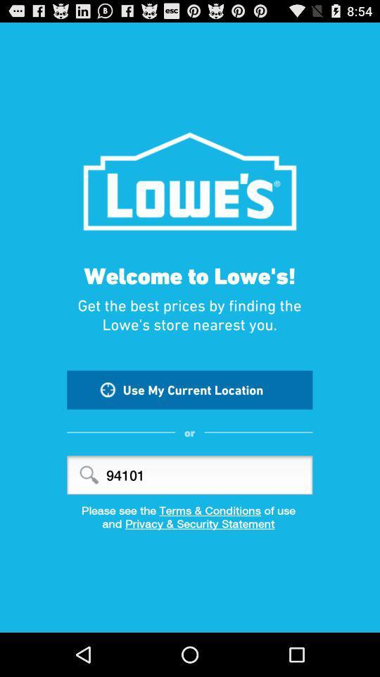 The height and width of the screenshot is (677, 380). Describe the element at coordinates (189, 389) in the screenshot. I see `icon above the or icon` at that location.